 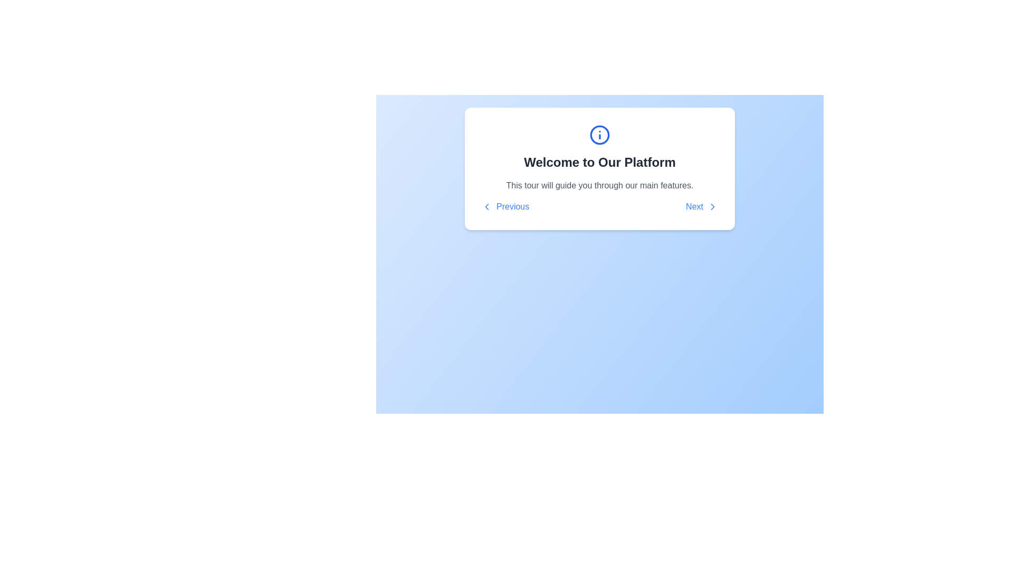 I want to click on the chevron icon located on the left-hand side of the navigation area labeled 'Previous', so click(x=486, y=207).